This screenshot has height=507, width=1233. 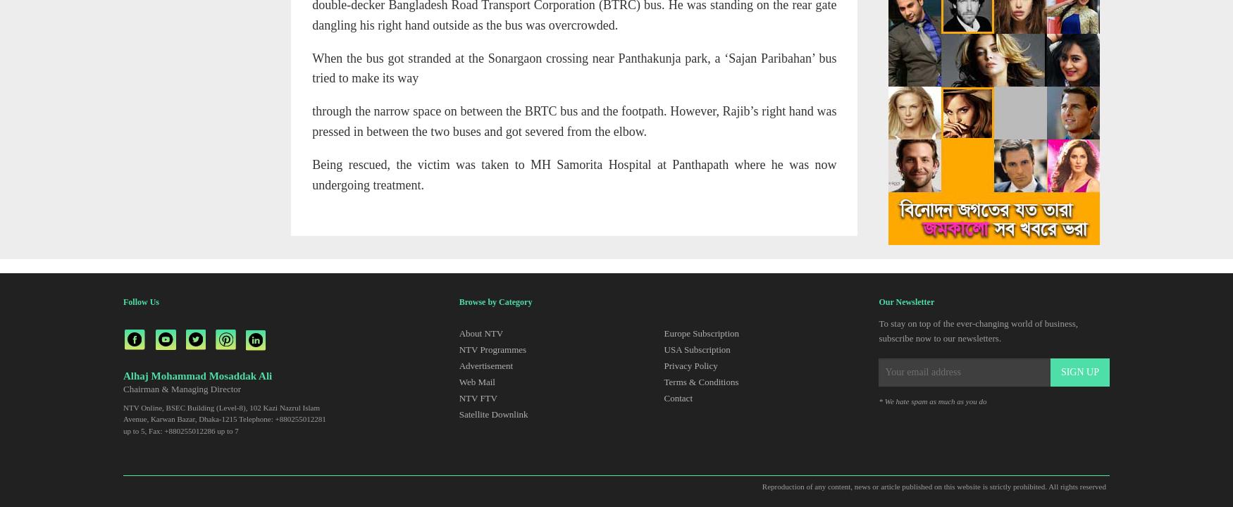 What do you see at coordinates (476, 397) in the screenshot?
I see `'NTV FTV'` at bounding box center [476, 397].